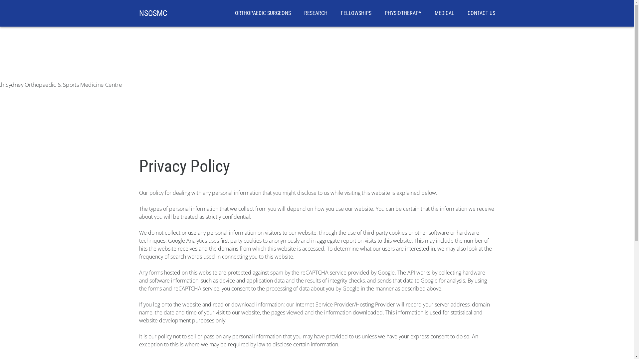  Describe the element at coordinates (444, 13) in the screenshot. I see `'MEDICAL'` at that location.